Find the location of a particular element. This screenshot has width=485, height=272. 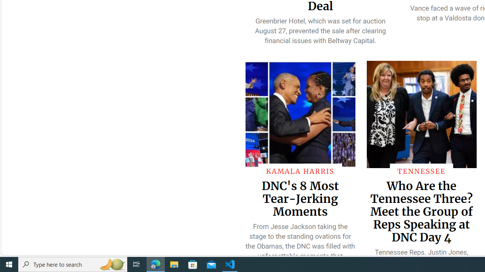

'Visual Studio Code - 1 running window' is located at coordinates (230, 264).